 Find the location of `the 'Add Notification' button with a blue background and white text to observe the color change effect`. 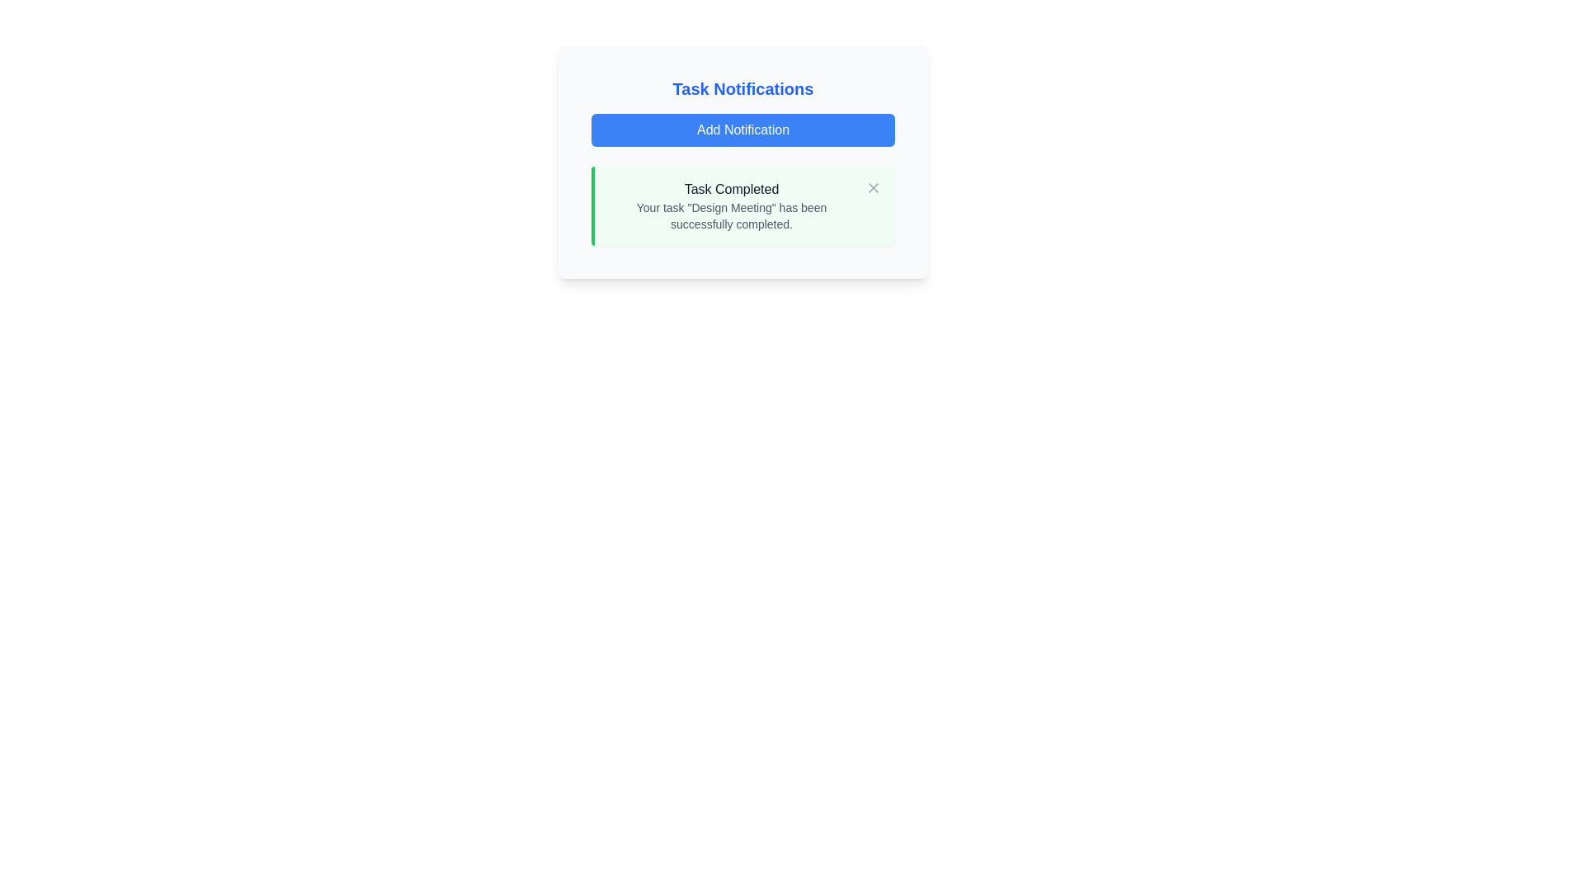

the 'Add Notification' button with a blue background and white text to observe the color change effect is located at coordinates (742, 130).